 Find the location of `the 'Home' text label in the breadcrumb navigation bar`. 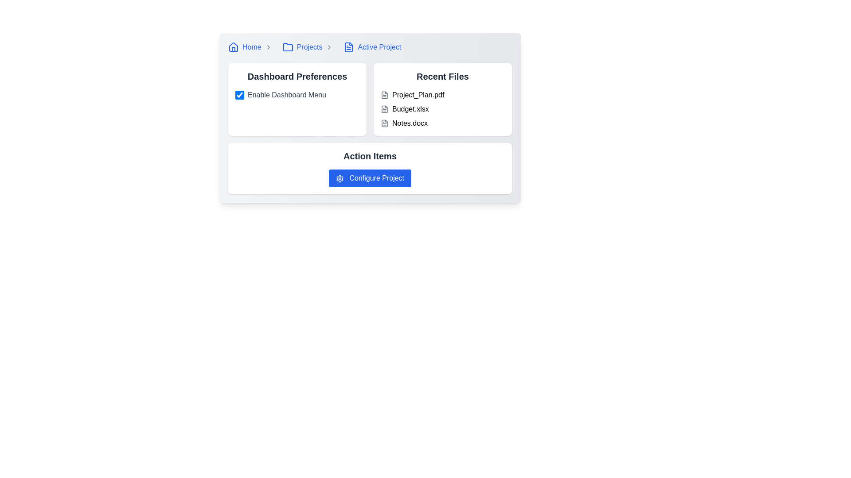

the 'Home' text label in the breadcrumb navigation bar is located at coordinates (251, 47).